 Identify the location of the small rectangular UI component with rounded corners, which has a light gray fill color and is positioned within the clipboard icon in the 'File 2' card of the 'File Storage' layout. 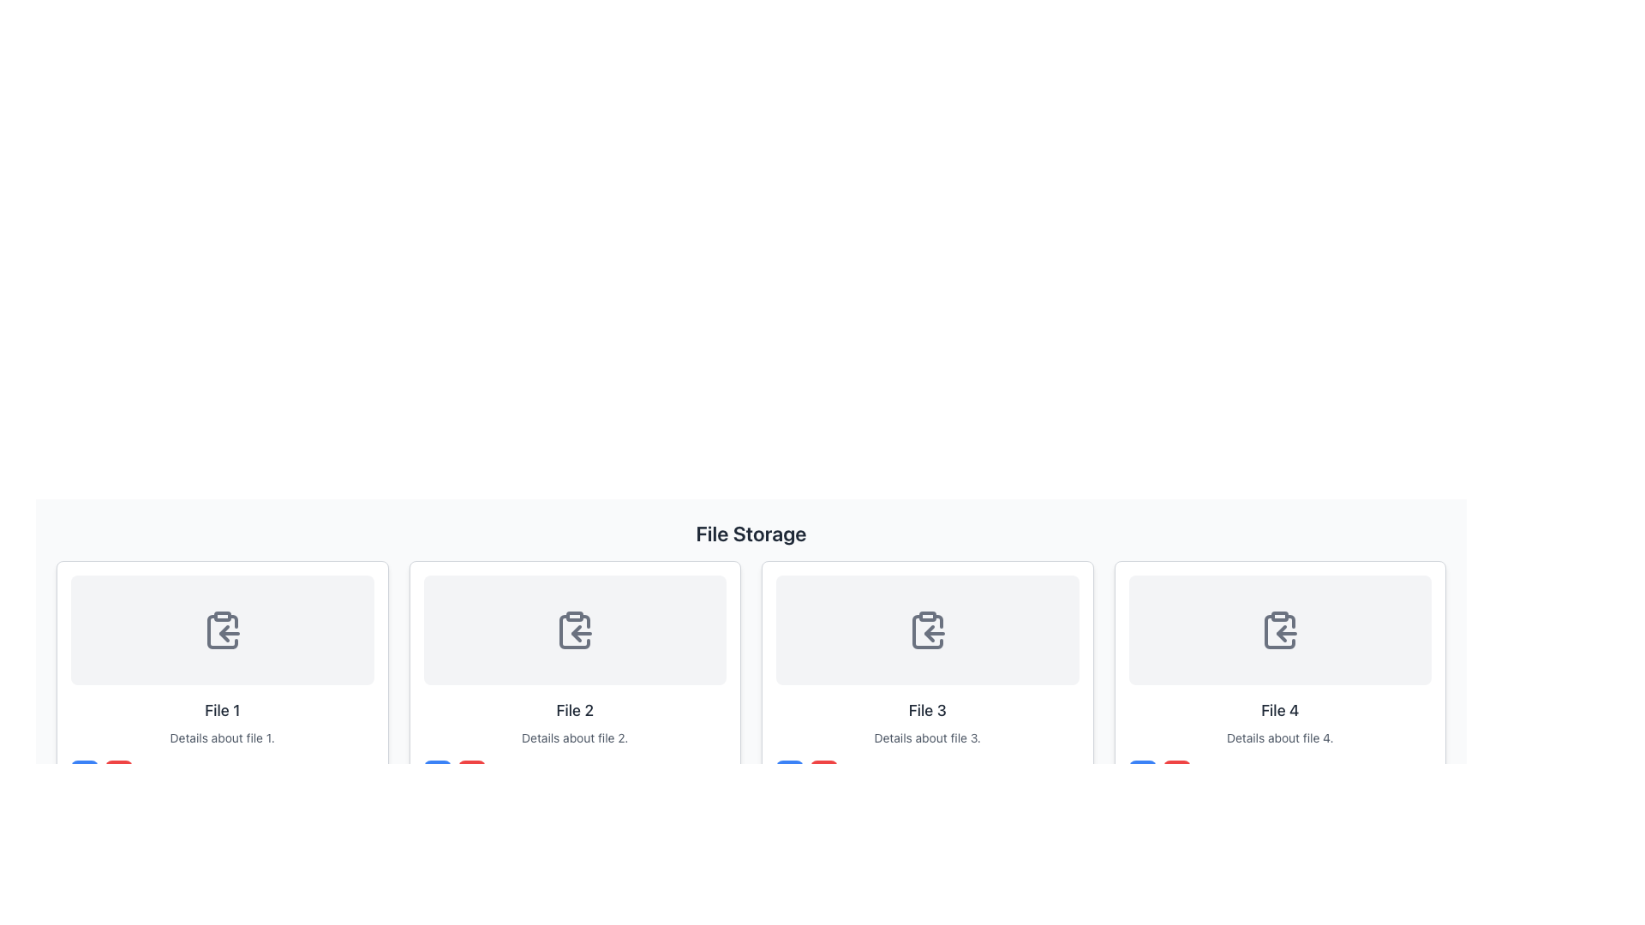
(575, 617).